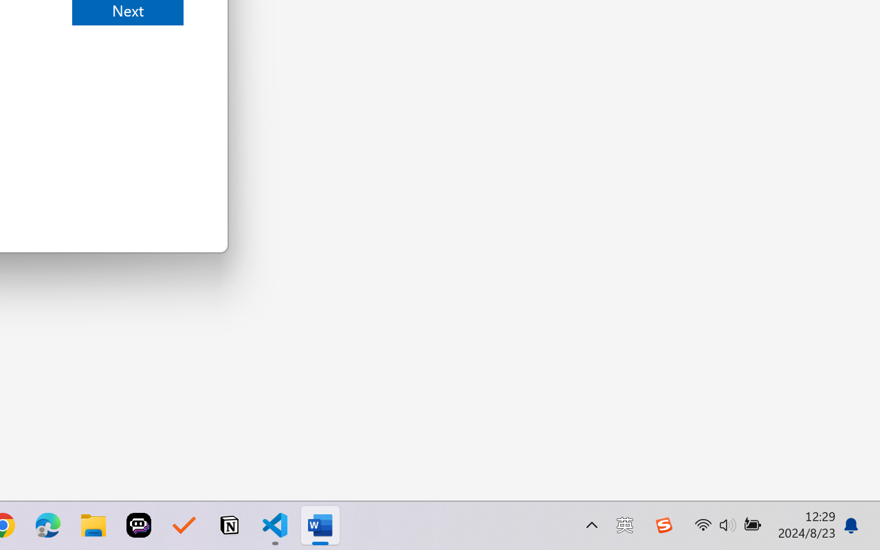 This screenshot has width=880, height=550. Describe the element at coordinates (47, 525) in the screenshot. I see `'Microsoft Edge'` at that location.